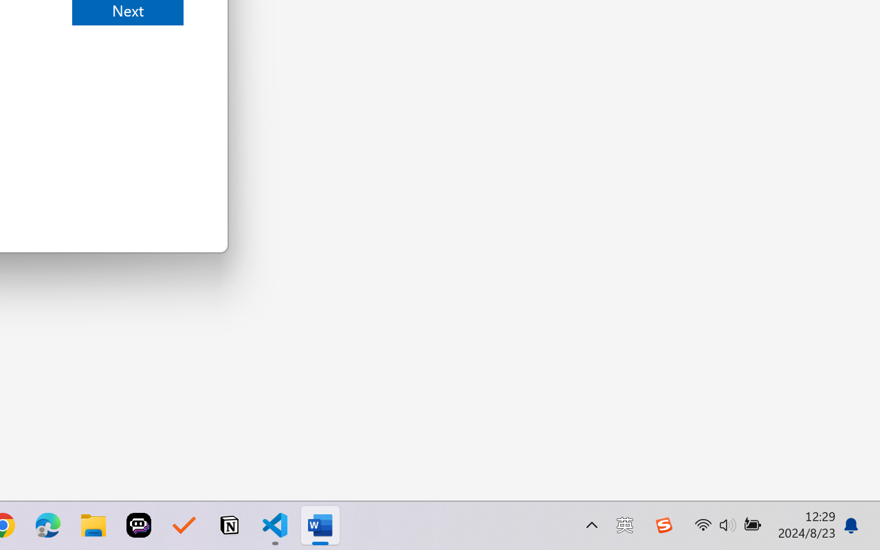 This screenshot has width=880, height=550. Describe the element at coordinates (47, 525) in the screenshot. I see `'Microsoft Edge'` at that location.